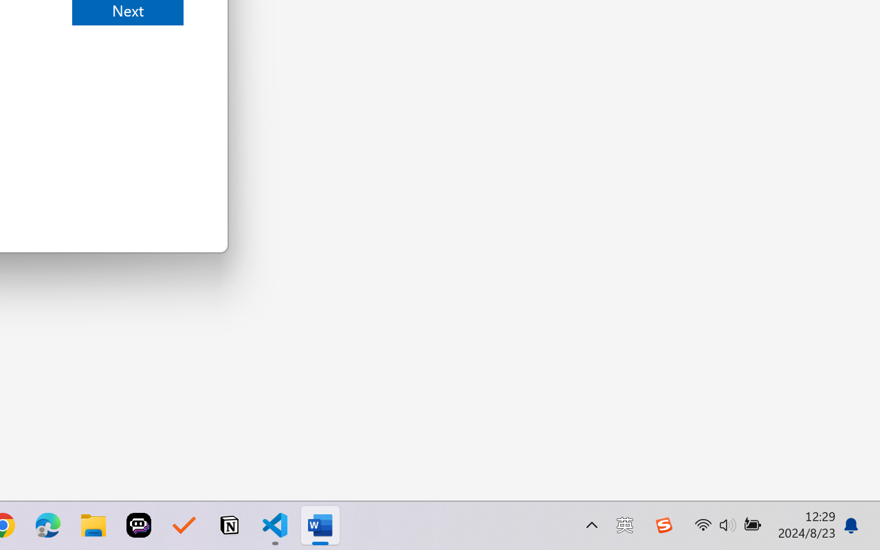 This screenshot has width=880, height=550. Describe the element at coordinates (47, 525) in the screenshot. I see `'Microsoft Edge'` at that location.